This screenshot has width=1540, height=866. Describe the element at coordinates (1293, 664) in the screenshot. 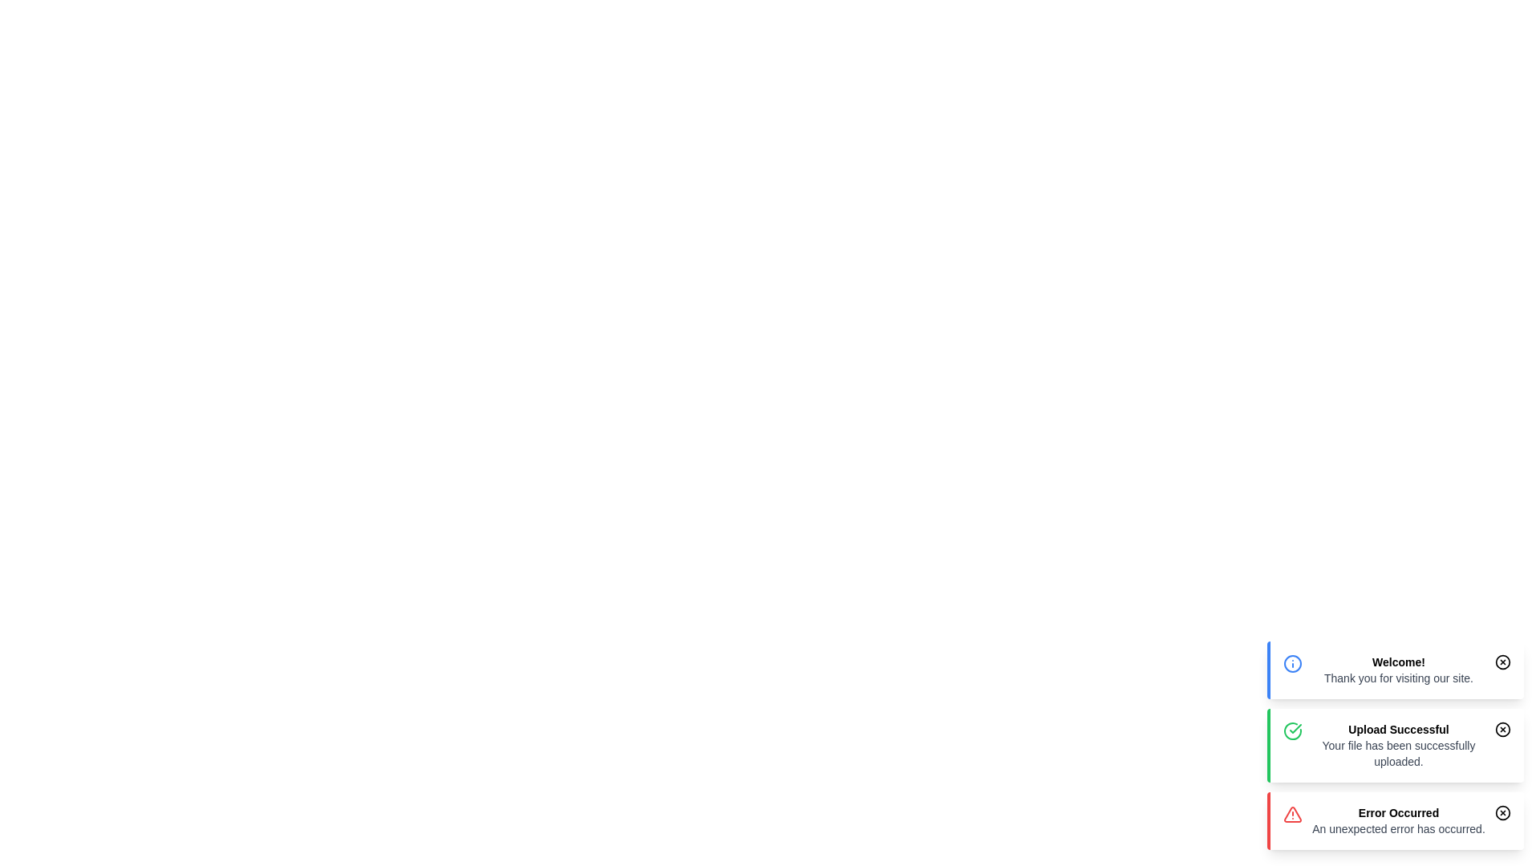

I see `the information or notification icon located beside the 'Welcome!' header in the notification card` at that location.